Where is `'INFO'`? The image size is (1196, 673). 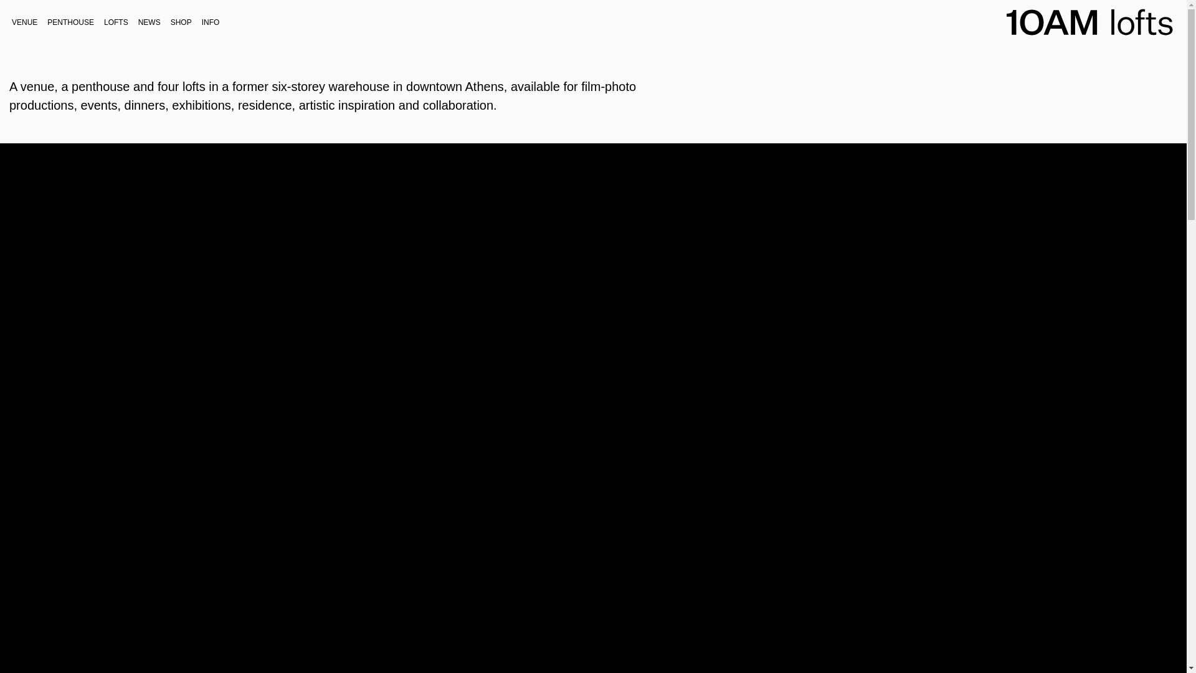
'INFO' is located at coordinates (211, 21).